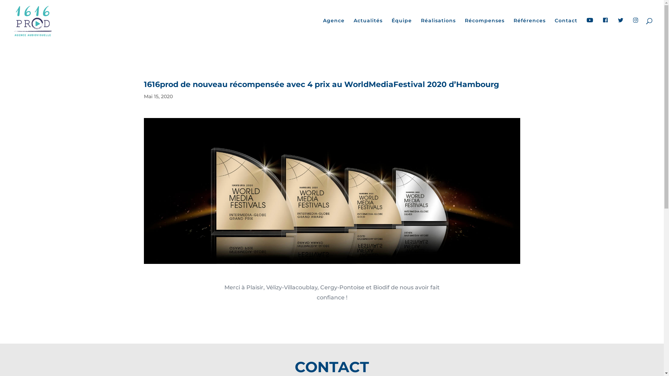  What do you see at coordinates (605, 29) in the screenshot?
I see `'Facebook'` at bounding box center [605, 29].